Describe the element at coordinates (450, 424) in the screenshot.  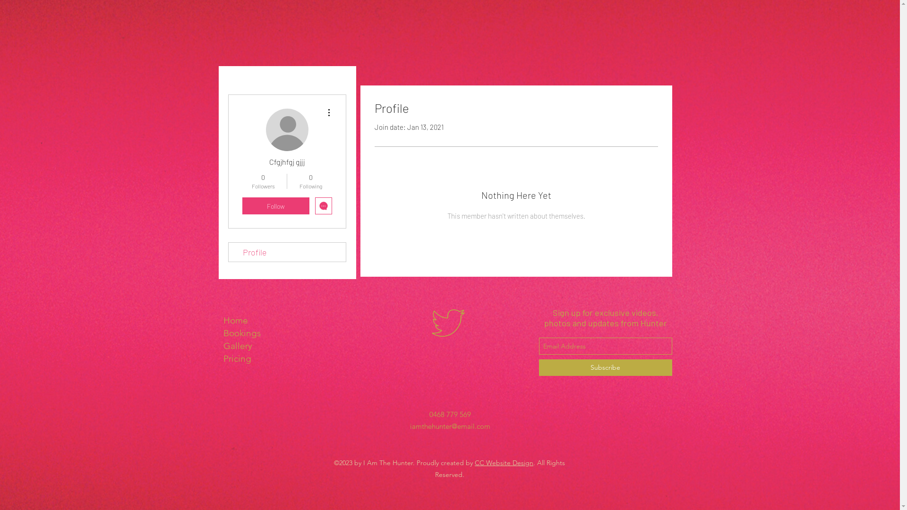
I see `'iamthehunter@email.com'` at that location.